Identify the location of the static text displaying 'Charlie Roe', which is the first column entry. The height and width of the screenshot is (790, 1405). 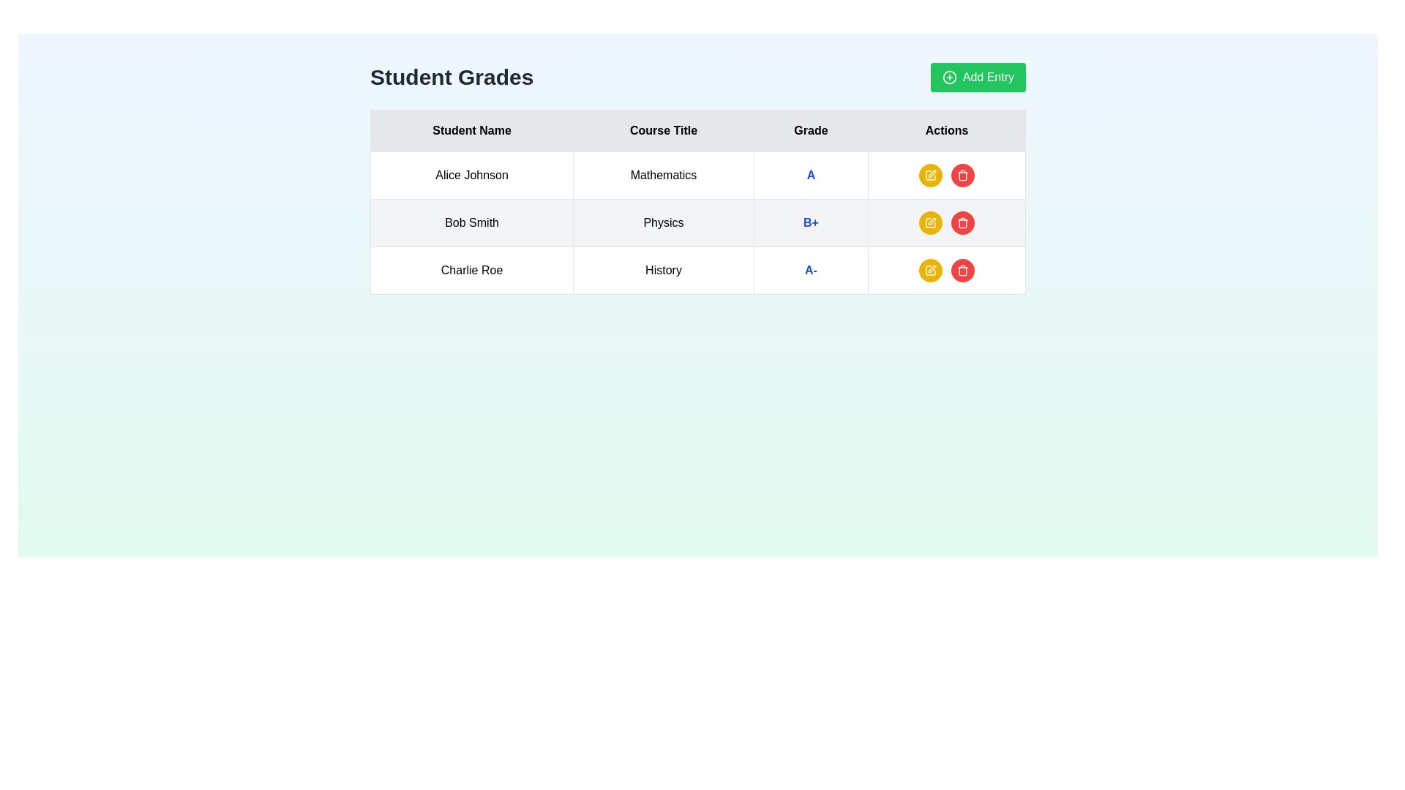
(472, 271).